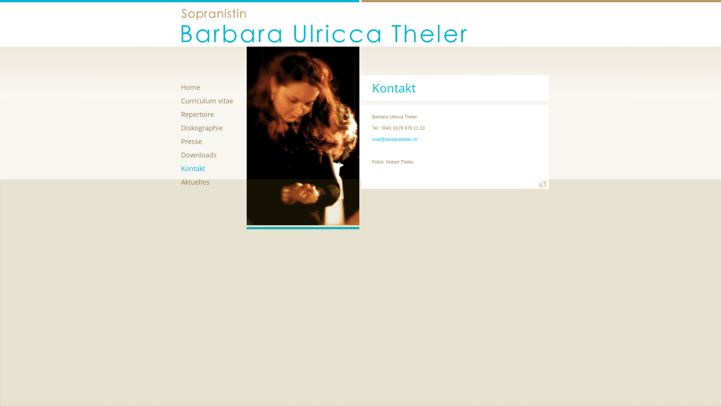  What do you see at coordinates (213, 168) in the screenshot?
I see `'Kontakt'` at bounding box center [213, 168].